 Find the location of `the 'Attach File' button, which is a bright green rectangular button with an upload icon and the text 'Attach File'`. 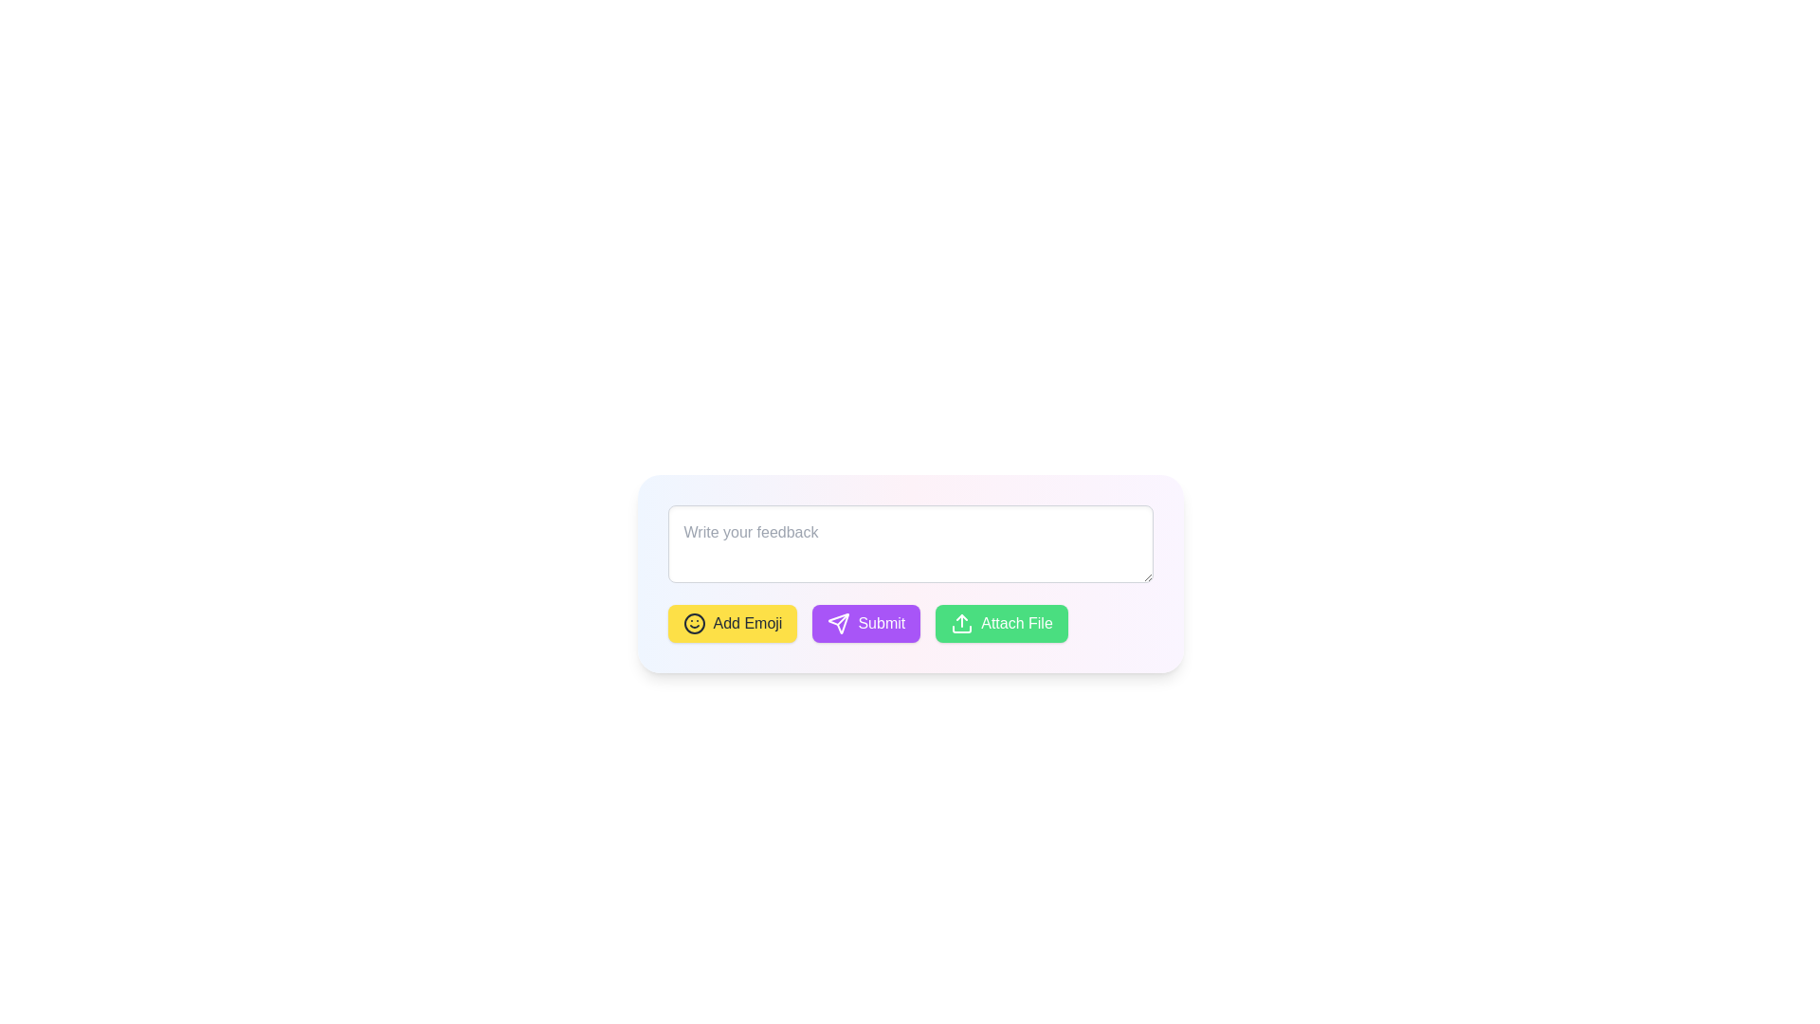

the 'Attach File' button, which is a bright green rectangular button with an upload icon and the text 'Attach File' is located at coordinates (1000, 624).